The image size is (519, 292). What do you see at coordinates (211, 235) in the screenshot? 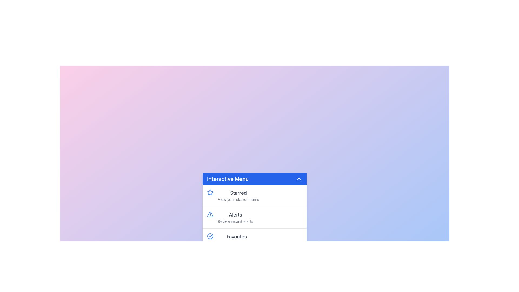
I see `the checkmark icon located within a blue circular badge, which serves as an indicator of a completed or selected state, situated near the bottom of the 'Interactive Menu' UI, adjacent to the 'Favorites' section` at bounding box center [211, 235].